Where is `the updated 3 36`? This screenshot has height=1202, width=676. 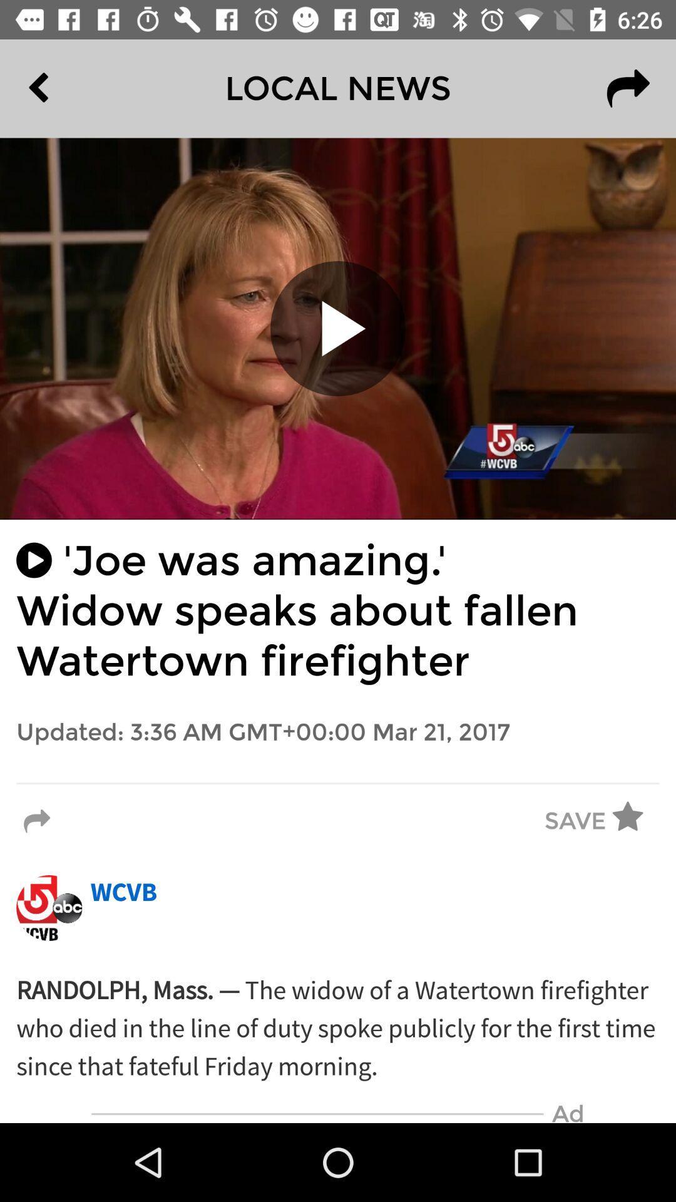
the updated 3 36 is located at coordinates (338, 732).